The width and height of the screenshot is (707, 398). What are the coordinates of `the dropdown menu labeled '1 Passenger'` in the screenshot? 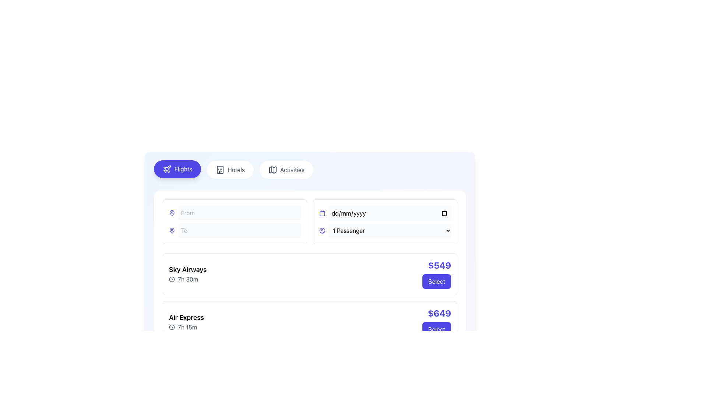 It's located at (385, 230).